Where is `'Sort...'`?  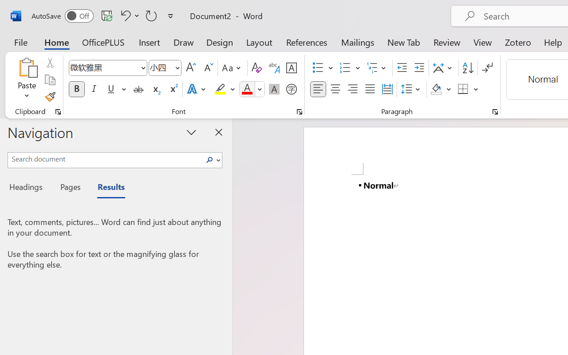
'Sort...' is located at coordinates (467, 68).